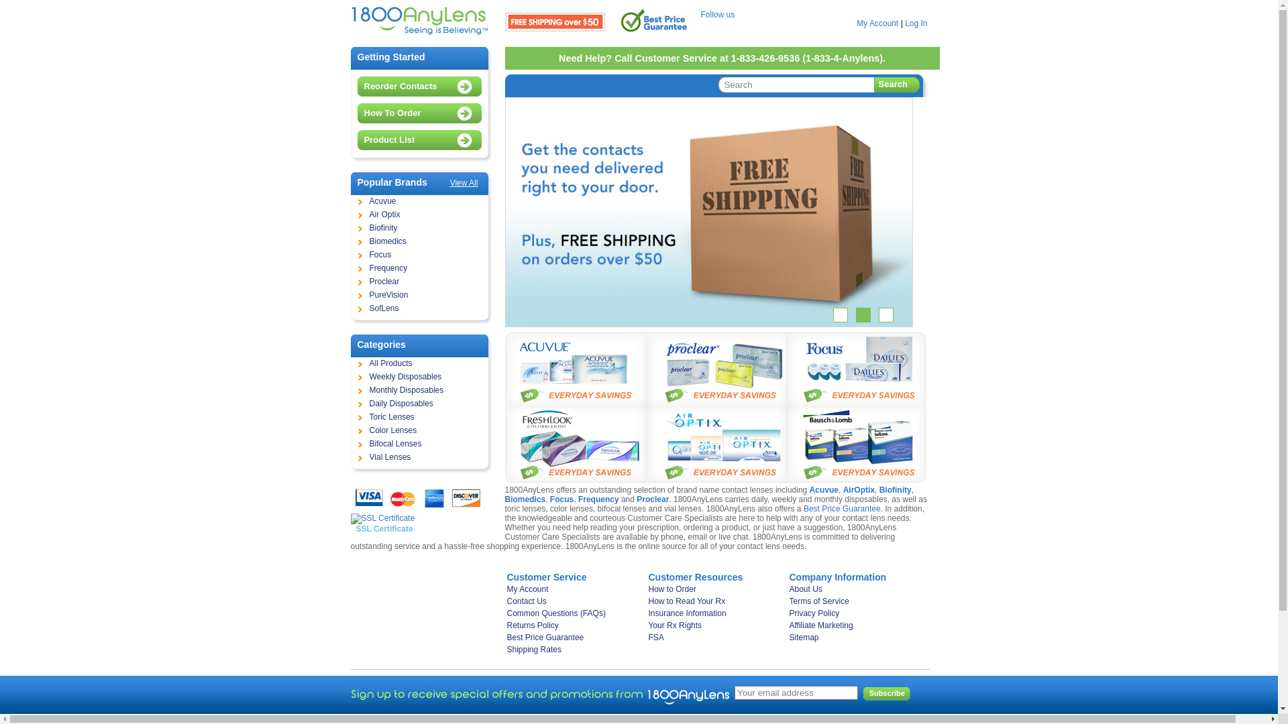  What do you see at coordinates (351, 294) in the screenshot?
I see `'PureVision'` at bounding box center [351, 294].